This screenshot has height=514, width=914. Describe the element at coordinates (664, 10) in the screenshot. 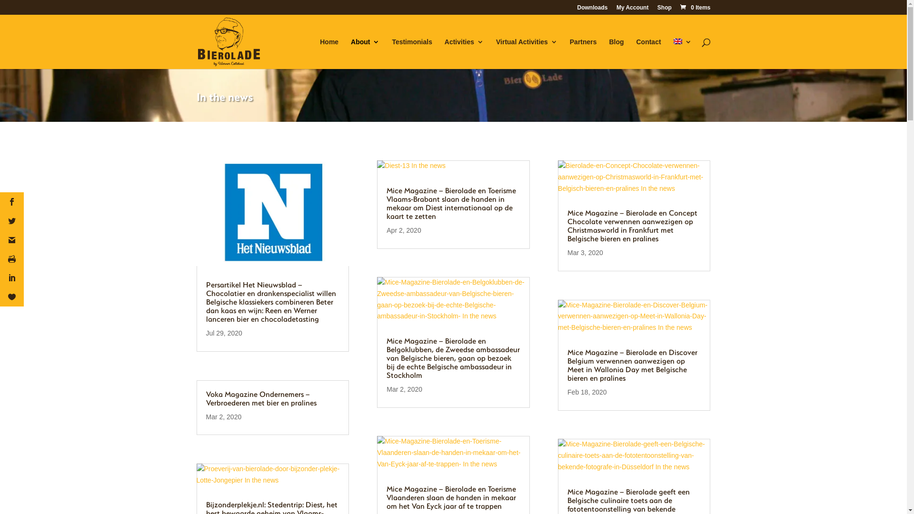

I see `'Shop'` at that location.